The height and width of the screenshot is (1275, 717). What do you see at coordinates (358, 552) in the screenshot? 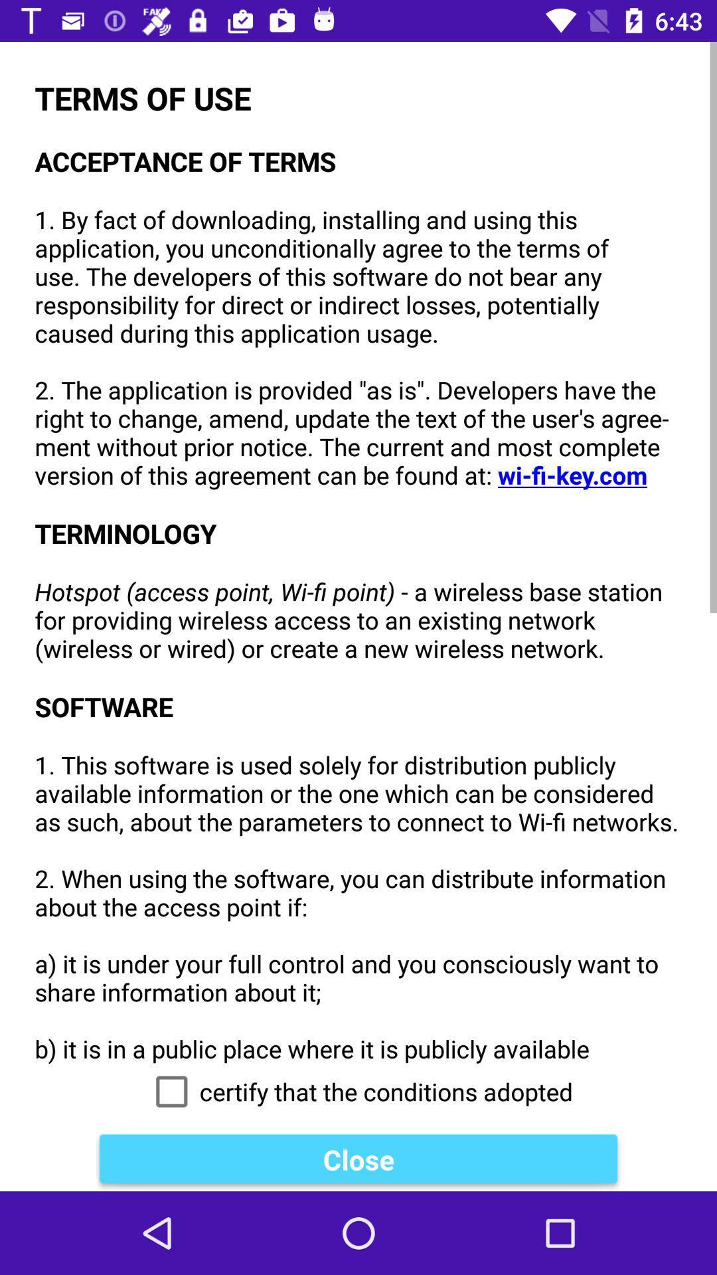
I see `the item above the certify that the` at bounding box center [358, 552].